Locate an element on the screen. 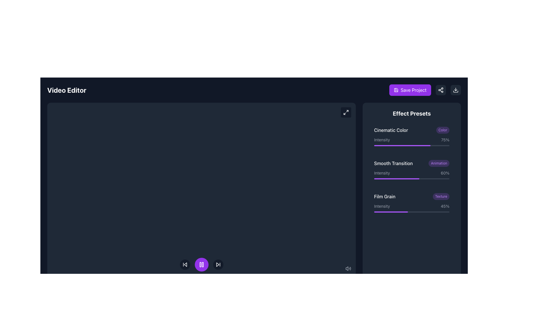 This screenshot has width=550, height=309. Cinematic Color Intensity is located at coordinates (393, 145).